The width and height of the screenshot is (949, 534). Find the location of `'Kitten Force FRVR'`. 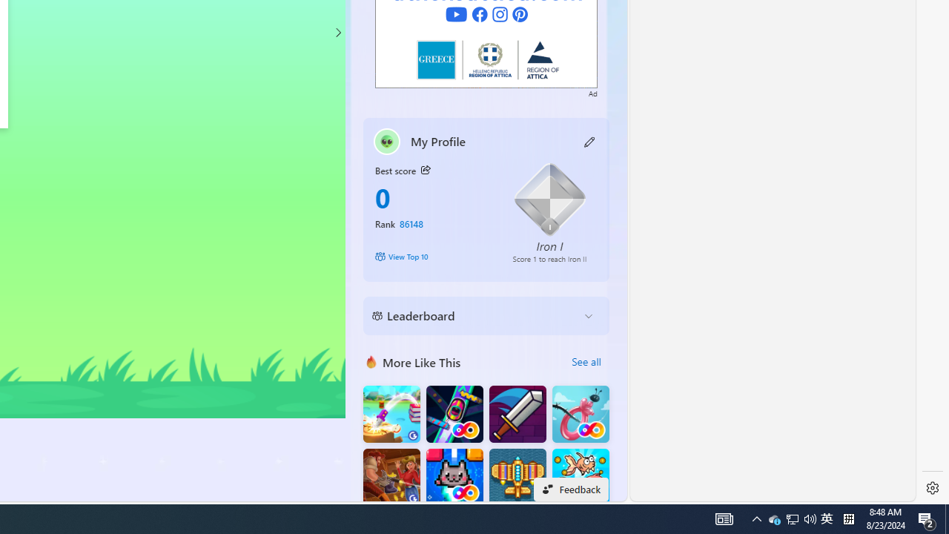

'Kitten Force FRVR' is located at coordinates (454, 477).